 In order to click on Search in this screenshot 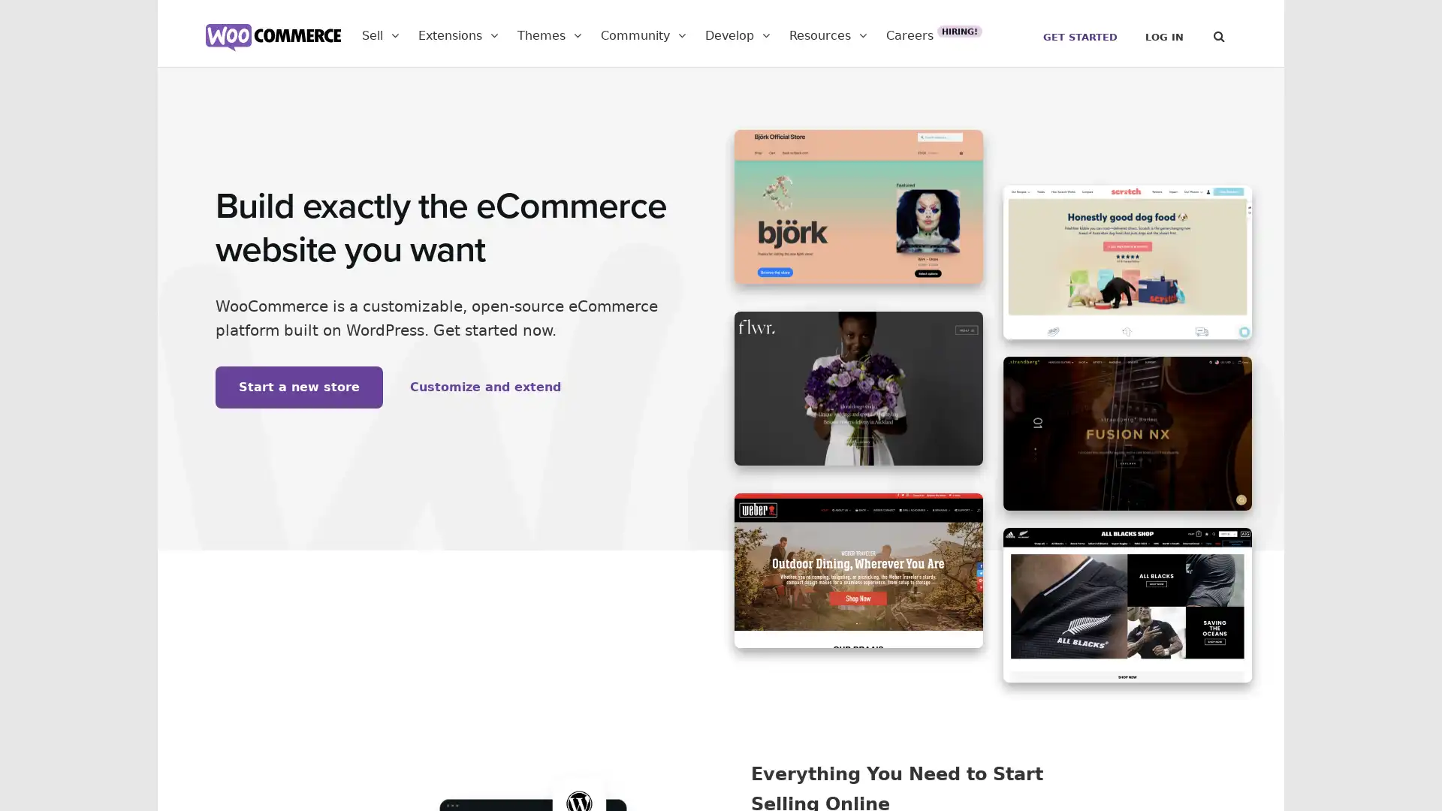, I will do `click(1219, 36)`.